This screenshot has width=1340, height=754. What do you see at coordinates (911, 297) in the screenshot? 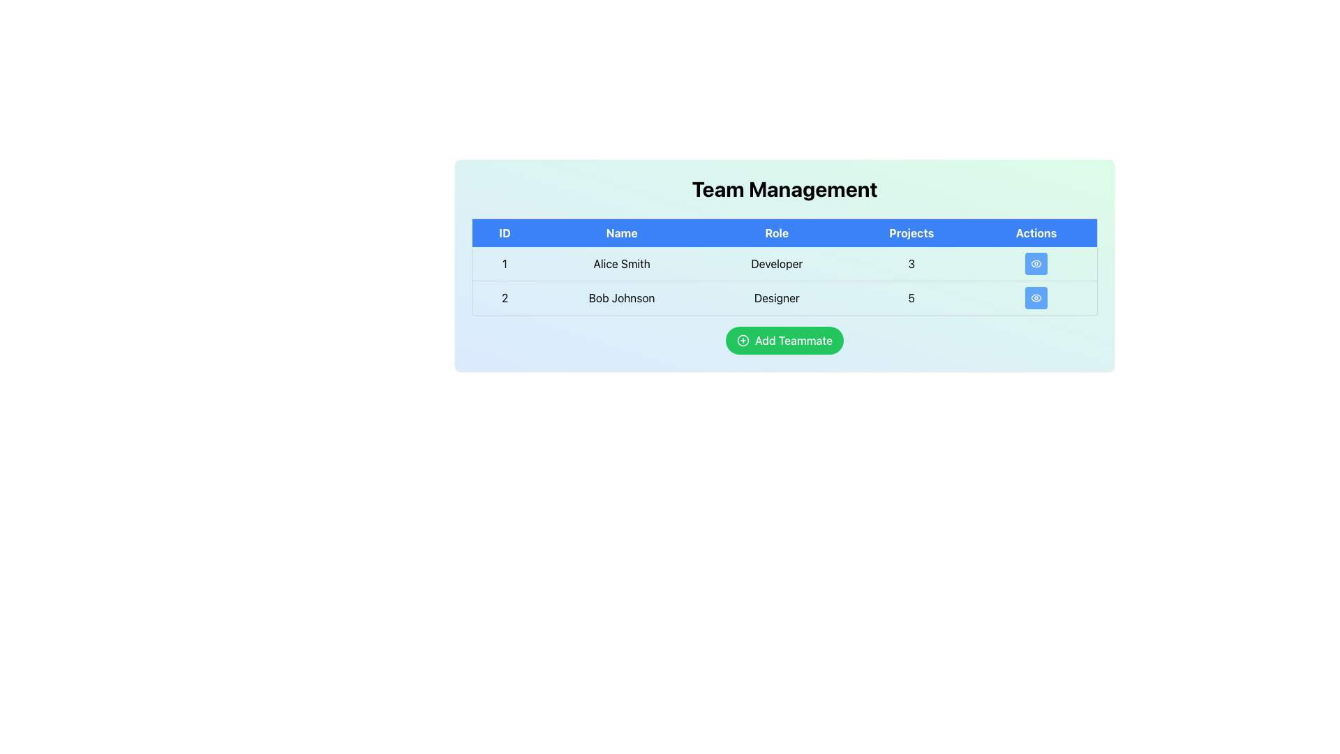
I see `the centered number '5' displayed in bold text under the Projects column in the second row of the table, adjacent` at bounding box center [911, 297].